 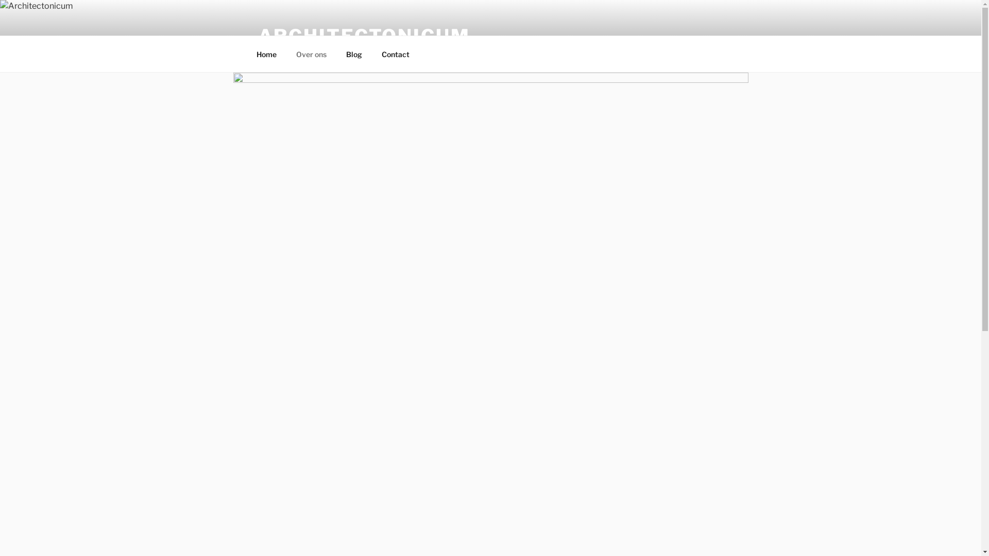 I want to click on 'ARCHITECTONICUM', so click(x=363, y=35).